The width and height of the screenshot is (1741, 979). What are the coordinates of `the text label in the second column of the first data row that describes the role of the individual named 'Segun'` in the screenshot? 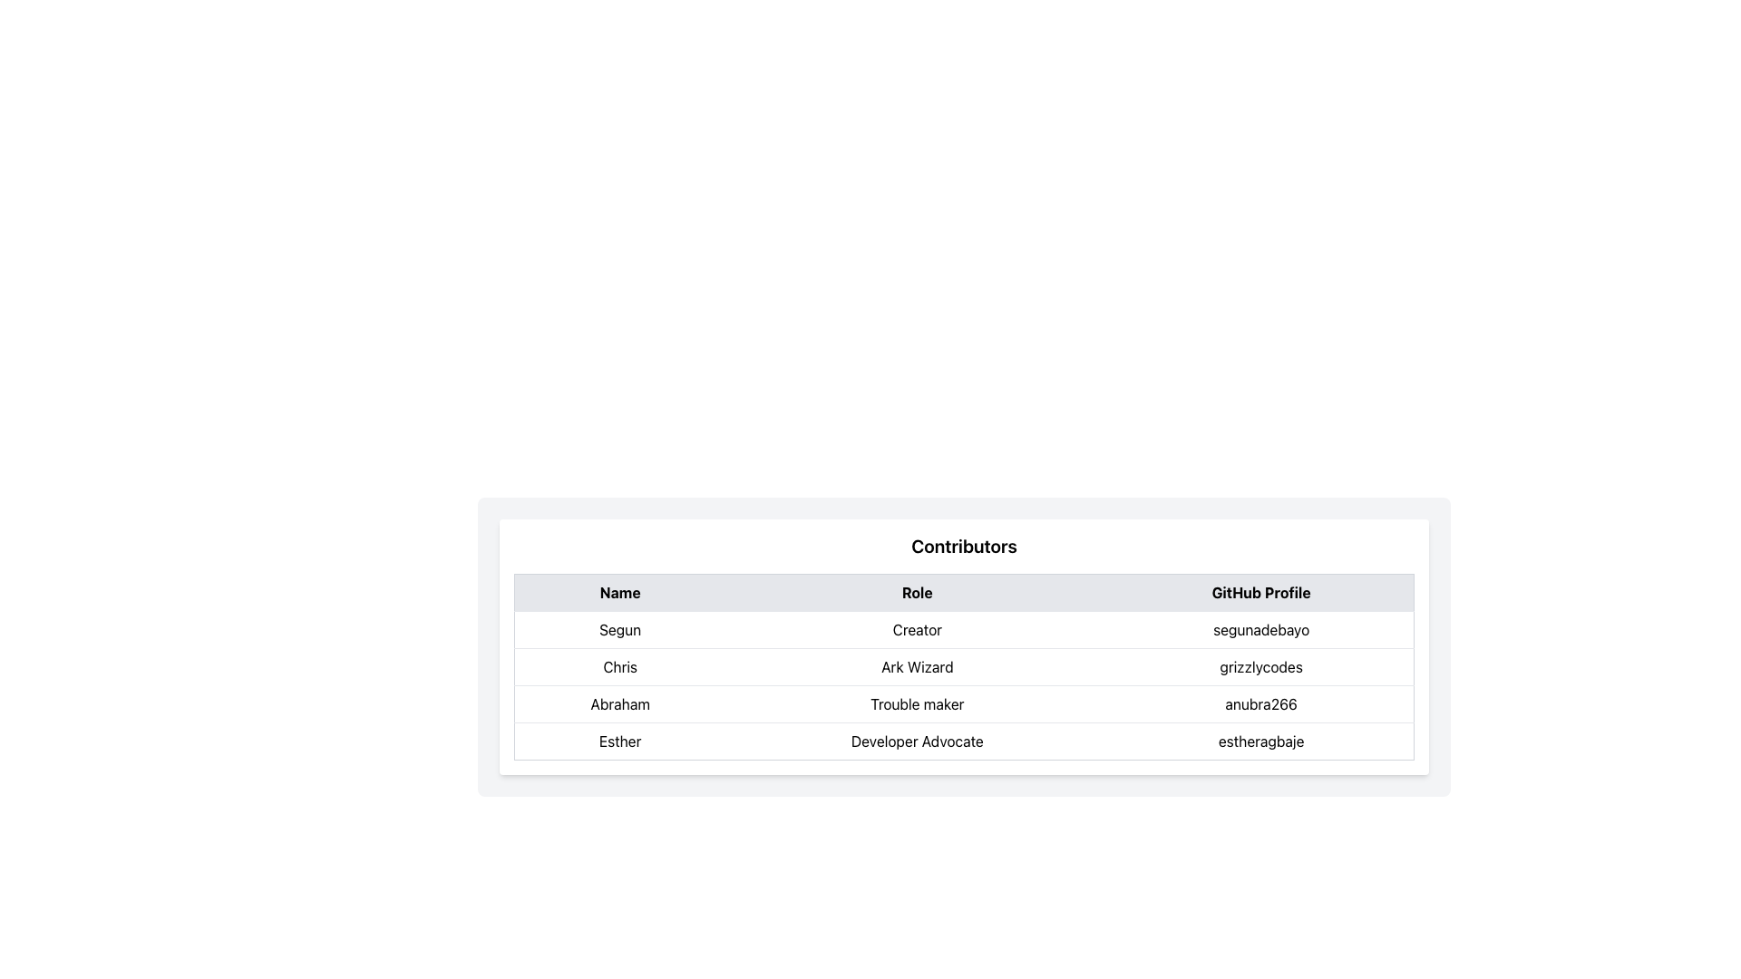 It's located at (917, 628).